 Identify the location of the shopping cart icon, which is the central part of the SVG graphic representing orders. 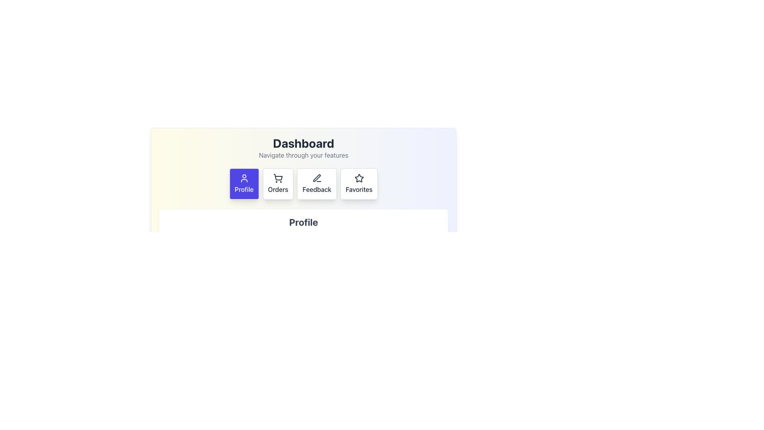
(278, 177).